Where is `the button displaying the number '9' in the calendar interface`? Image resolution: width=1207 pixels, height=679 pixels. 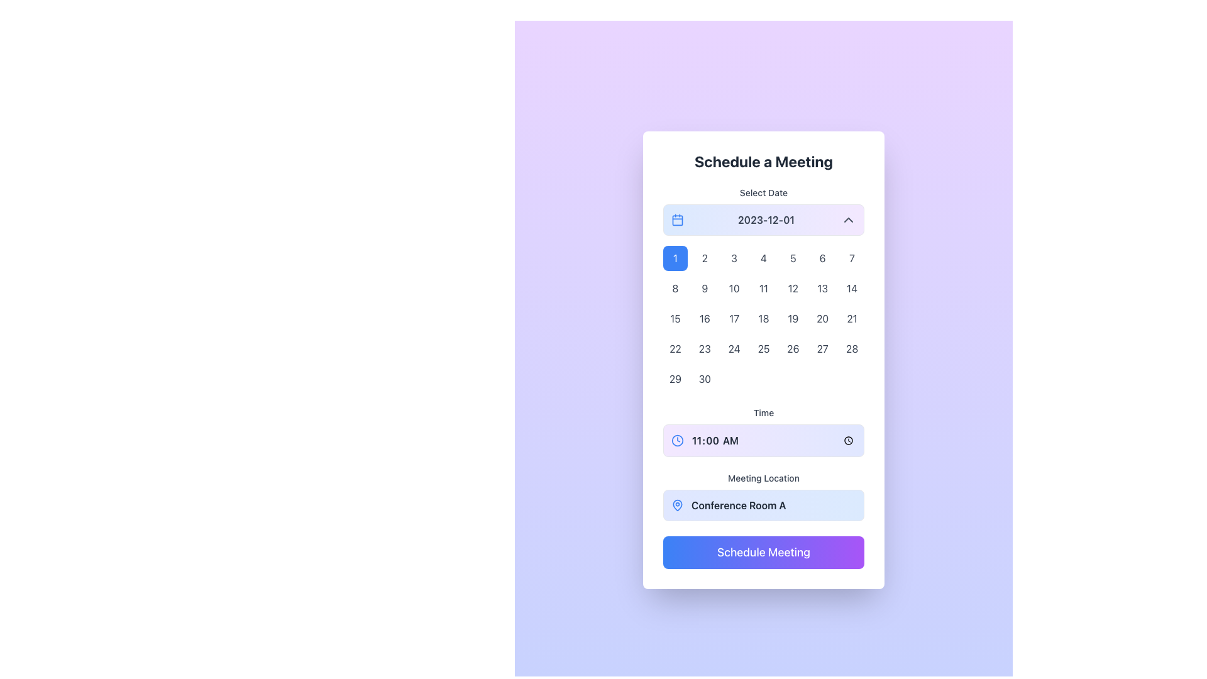
the button displaying the number '9' in the calendar interface is located at coordinates (705, 289).